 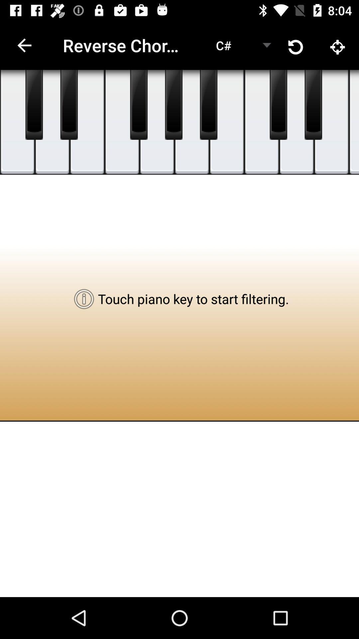 What do you see at coordinates (69, 105) in the screenshot?
I see `shows piano button` at bounding box center [69, 105].